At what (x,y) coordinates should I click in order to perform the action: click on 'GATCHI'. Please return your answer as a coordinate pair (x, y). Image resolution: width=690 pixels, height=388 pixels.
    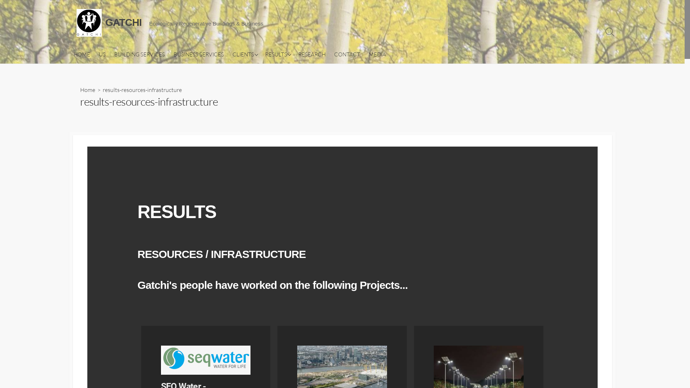
    Looking at the image, I should click on (88, 22).